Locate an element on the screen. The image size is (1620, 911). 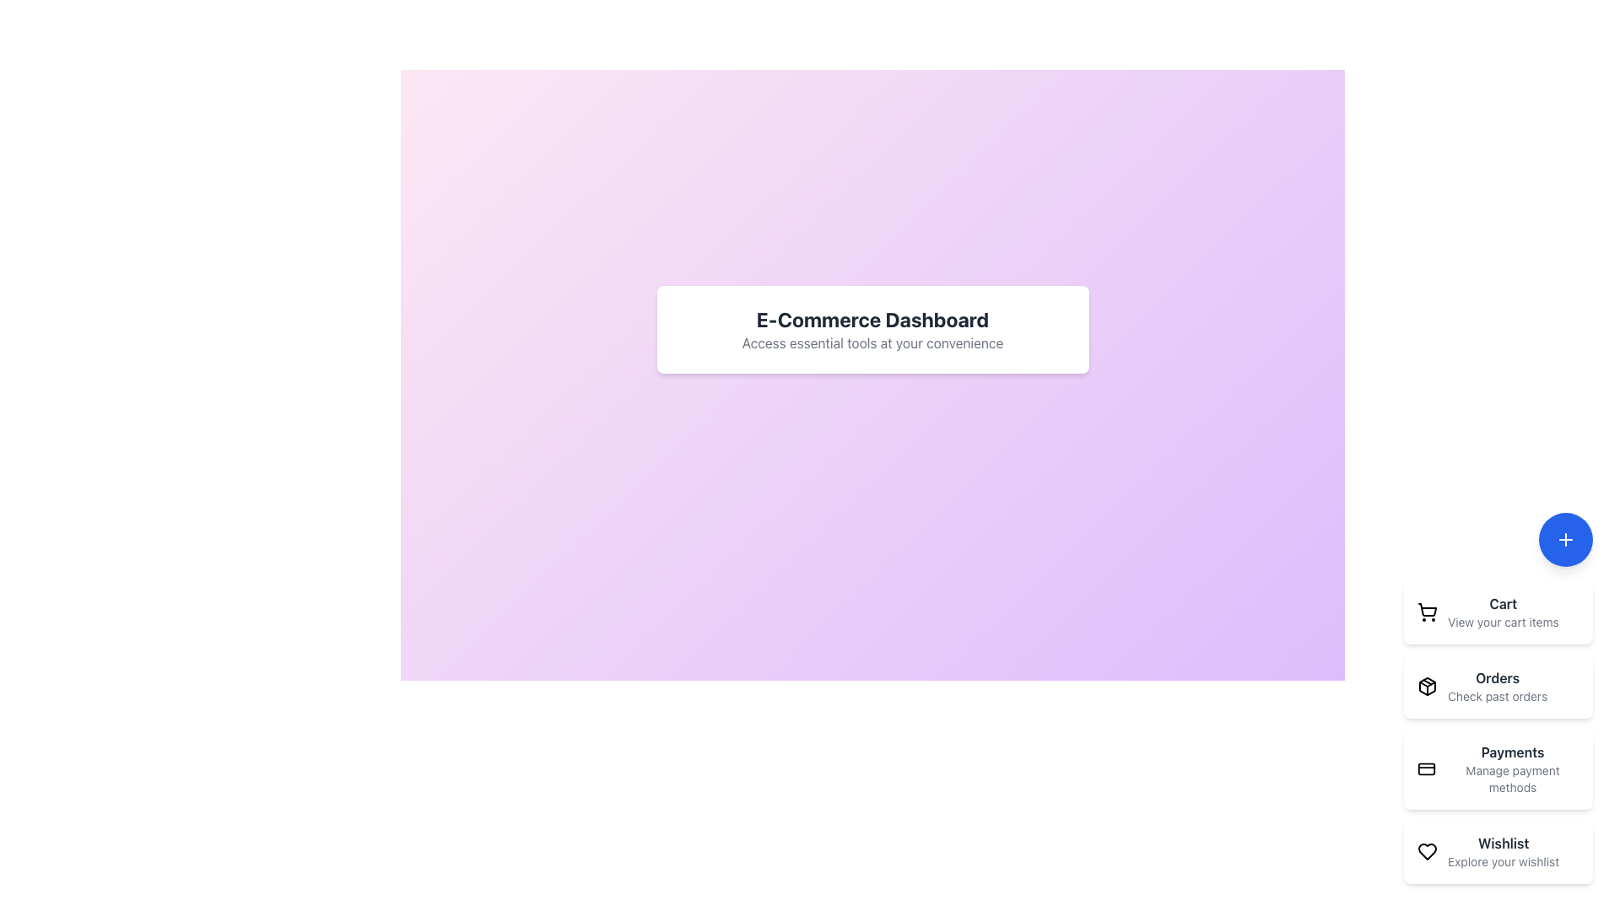
the 'Payments' static text label in the navigation menu, which serves as a label for identifying payment functionalities is located at coordinates (1513, 751).